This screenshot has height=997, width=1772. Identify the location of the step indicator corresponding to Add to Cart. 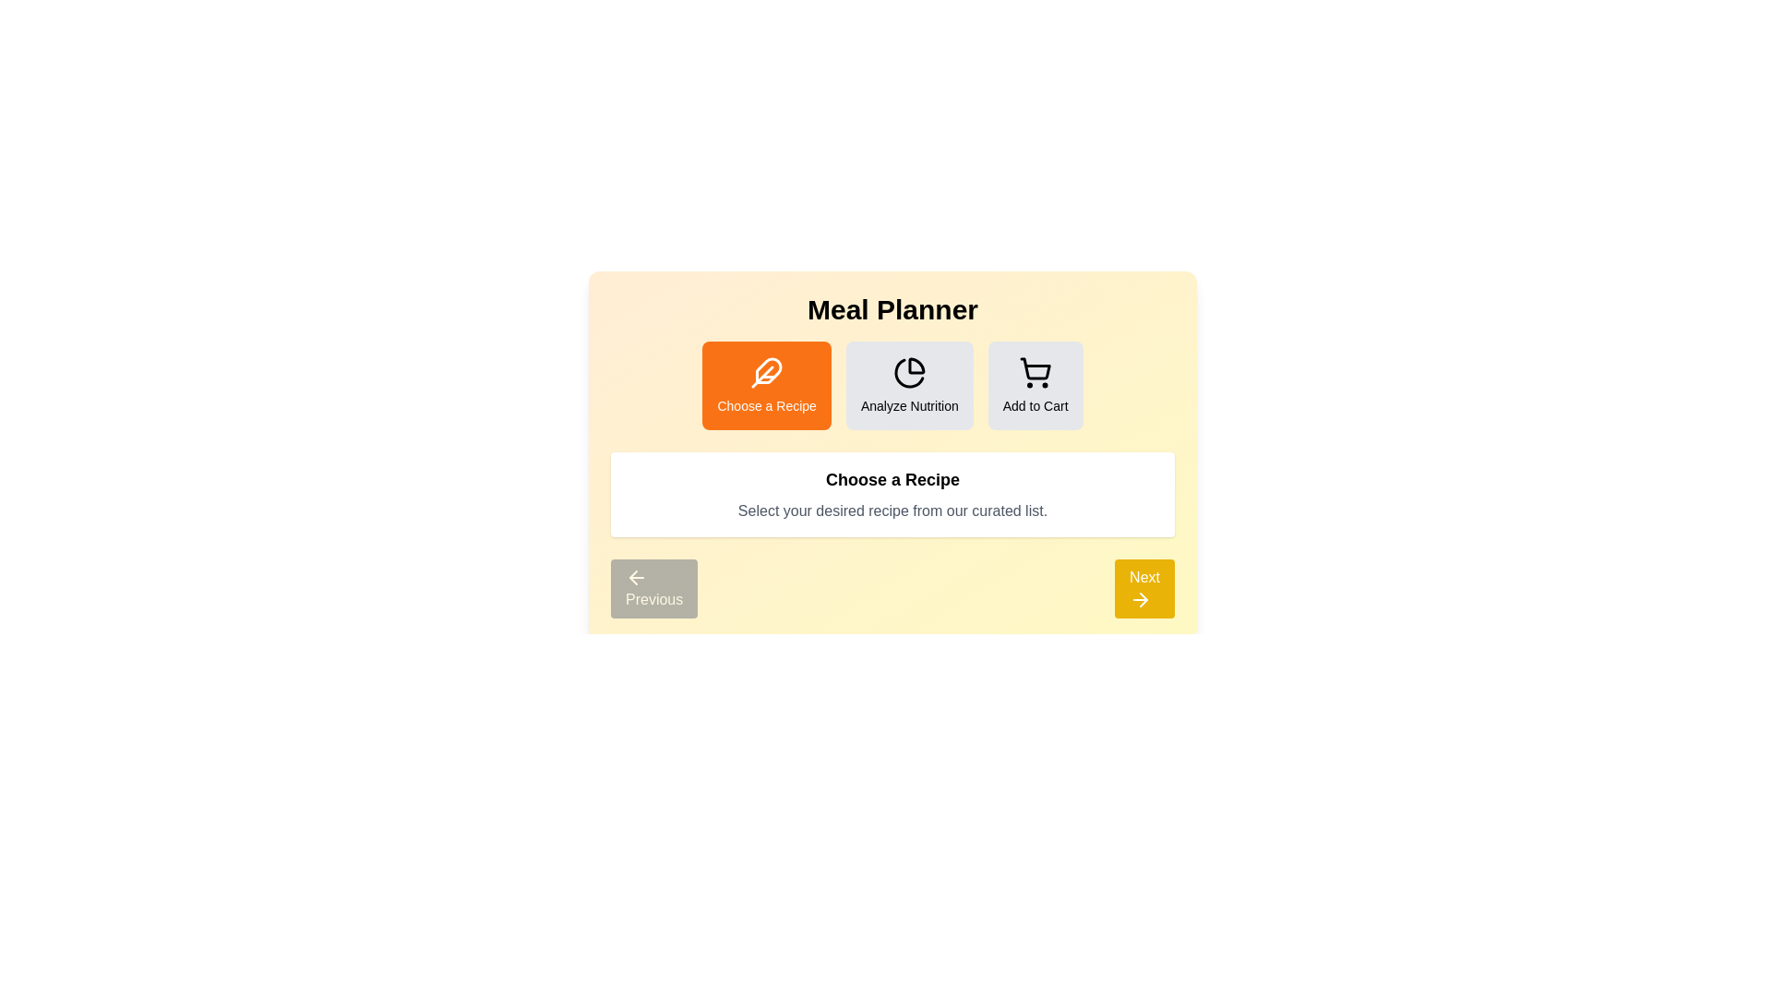
(1036, 384).